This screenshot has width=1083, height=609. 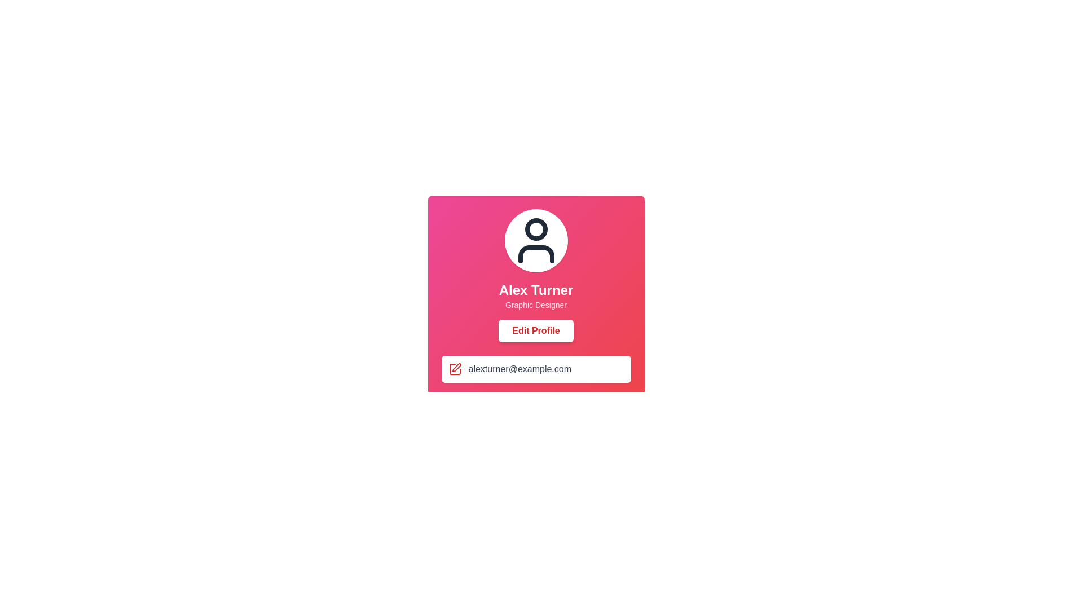 What do you see at coordinates (535, 386) in the screenshot?
I see `the Information Display Component that shows the user's email address, located below the 'Edit Profile' button and above the 'Change Password' component` at bounding box center [535, 386].